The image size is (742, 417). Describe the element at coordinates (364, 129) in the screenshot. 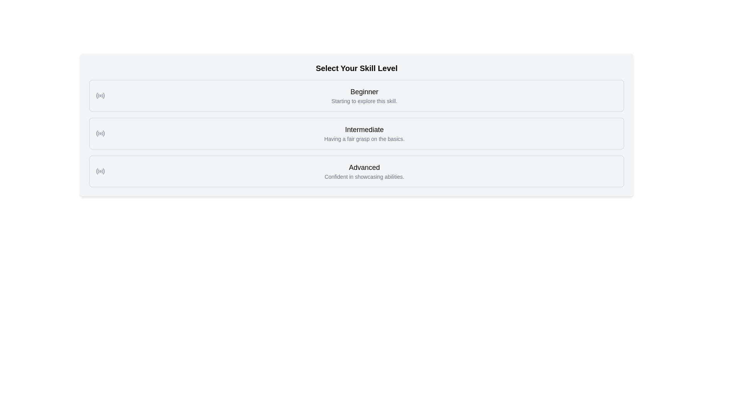

I see `text label representing the title of the intermediate skill level option in the skill selection menu, located above the descriptive text` at that location.